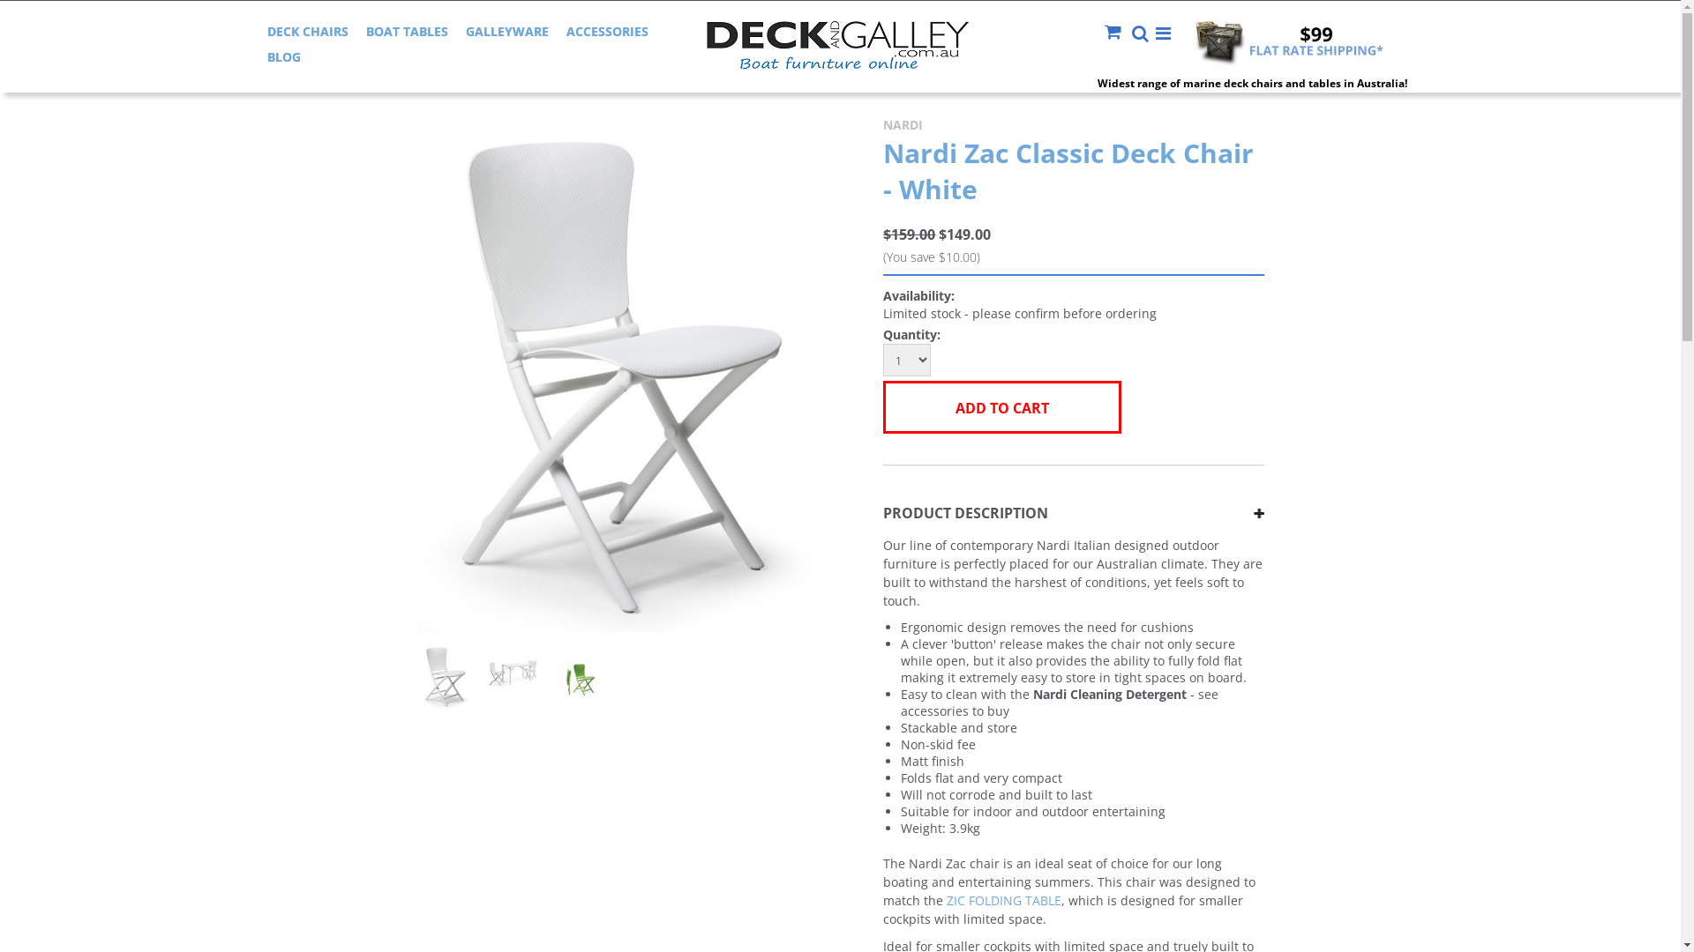  Describe the element at coordinates (1164, 33) in the screenshot. I see `'More'` at that location.